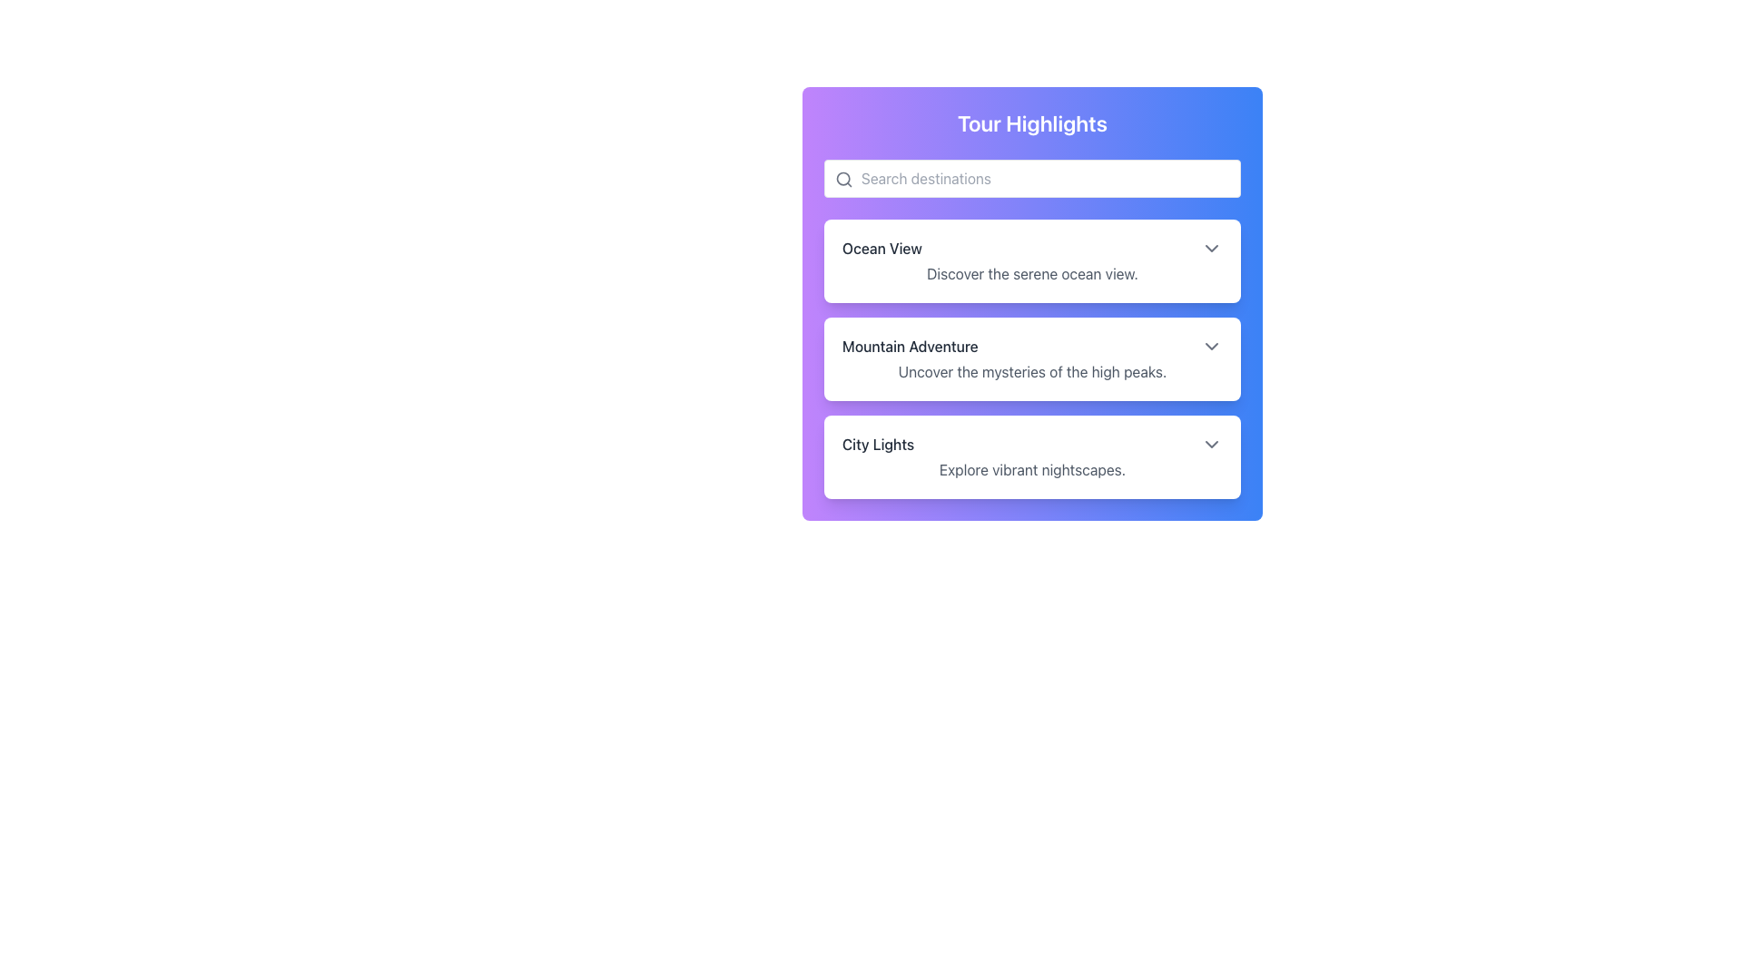  Describe the element at coordinates (1032, 261) in the screenshot. I see `the first card item labeled 'Ocean View' within the 'Tour Highlights' section` at that location.